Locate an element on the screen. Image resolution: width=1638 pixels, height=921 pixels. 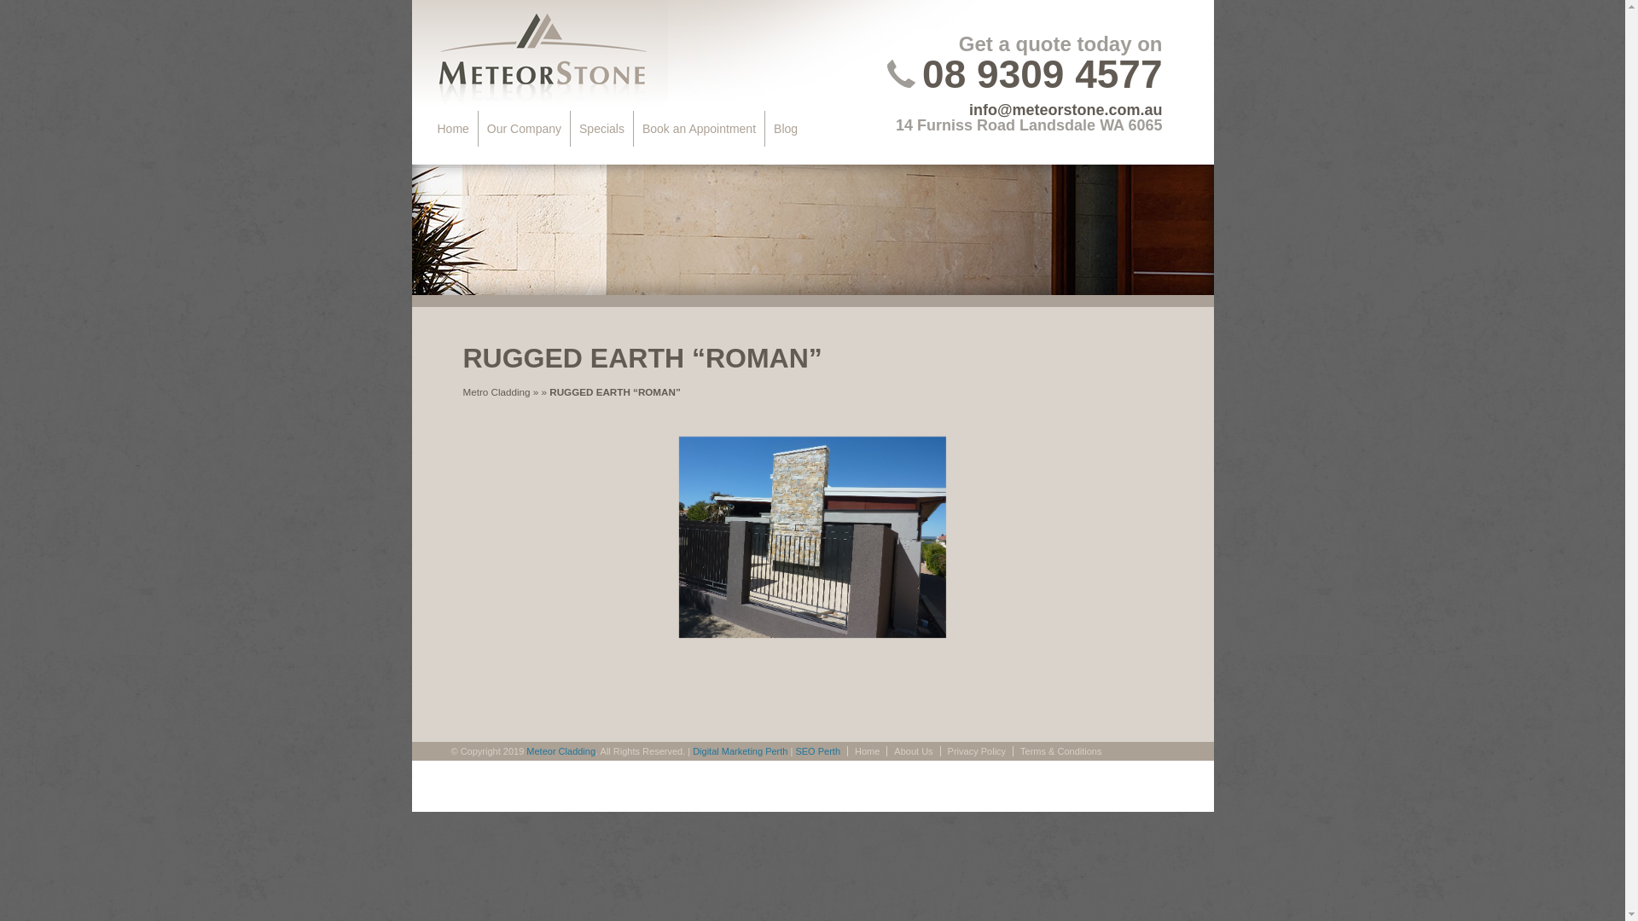
'Terms & Conditions' is located at coordinates (1060, 750).